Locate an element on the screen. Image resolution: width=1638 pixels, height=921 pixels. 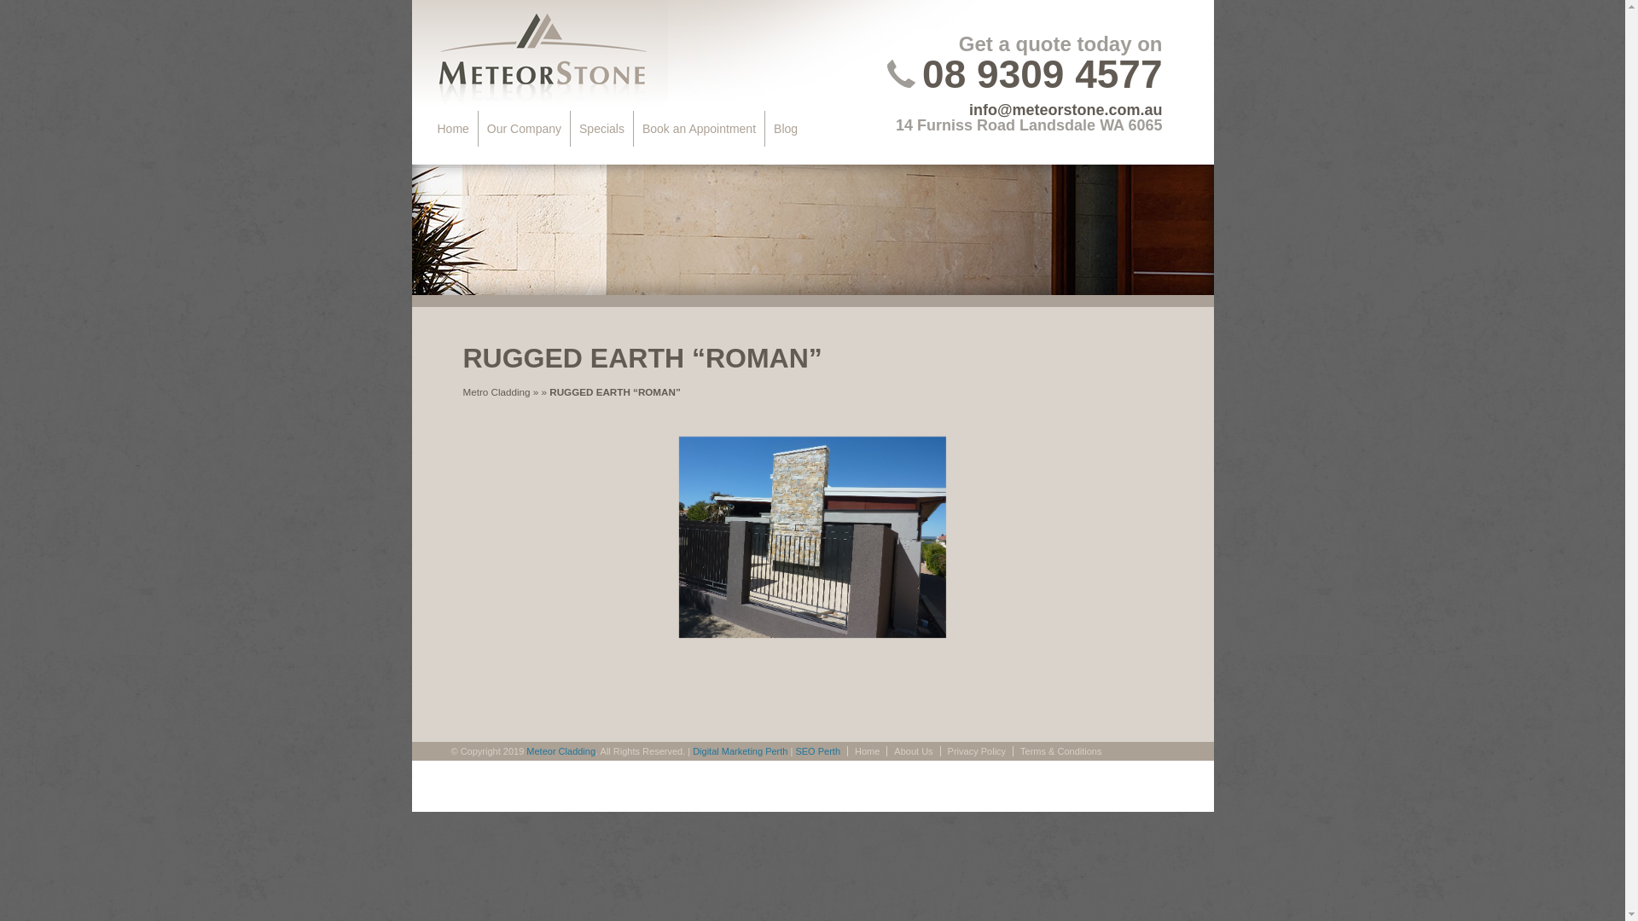
'Terms & Conditions' is located at coordinates (1060, 750).